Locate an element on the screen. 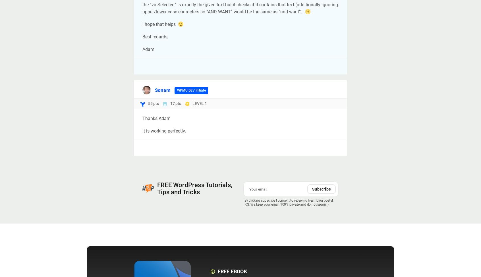 Image resolution: width=481 pixels, height=277 pixels. 'I hope that helps' is located at coordinates (159, 24).